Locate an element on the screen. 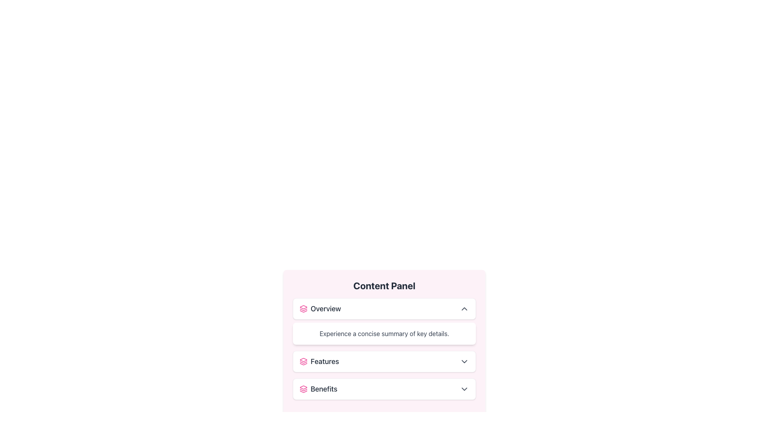  third layer of the pink and dark shaded icon located next to the 'Benefits' label in the content panel is located at coordinates (303, 392).